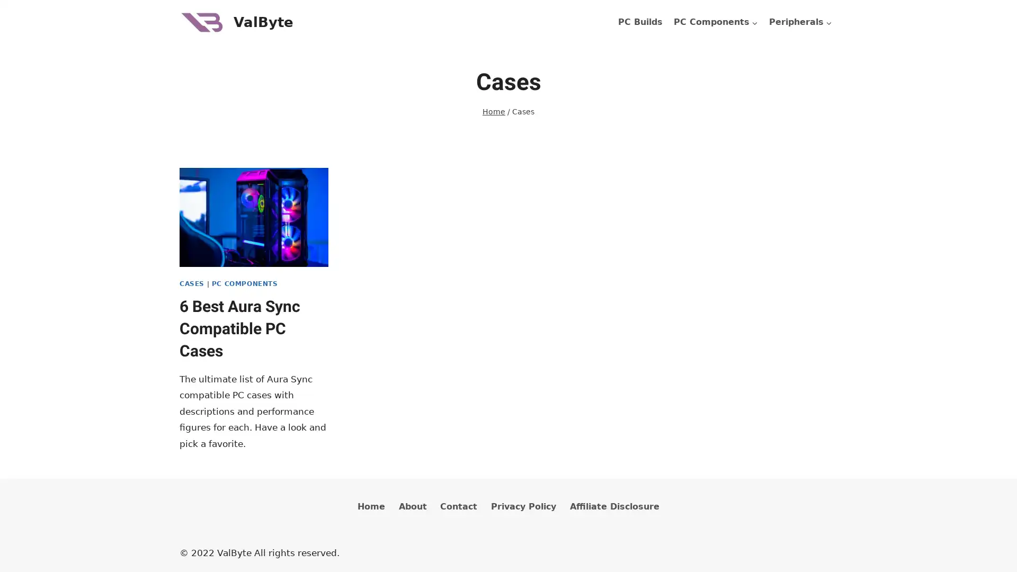 This screenshot has height=572, width=1017. What do you see at coordinates (800, 22) in the screenshot?
I see `Expand child menu` at bounding box center [800, 22].